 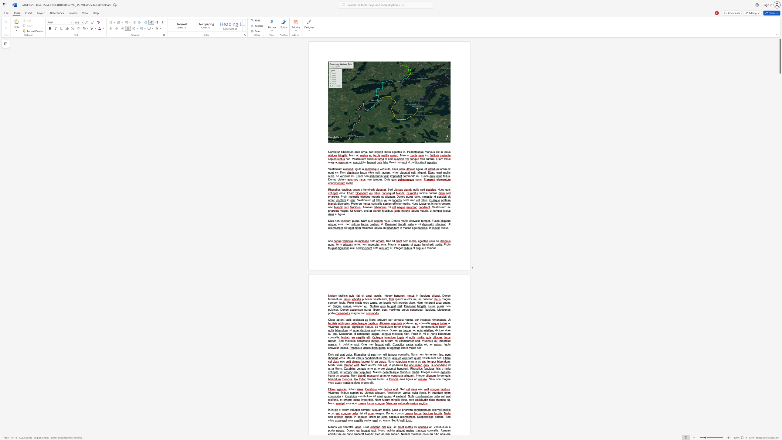 I want to click on the 1th character "u" in the text, so click(x=393, y=244).